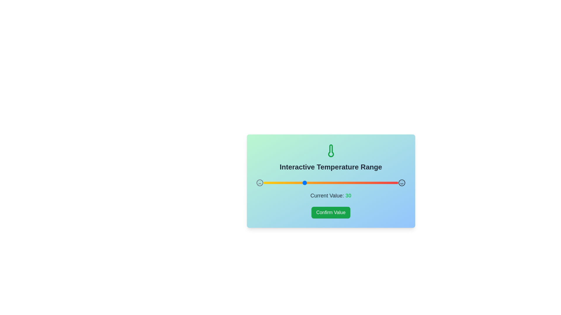 The height and width of the screenshot is (315, 561). I want to click on the range slider to set the value to 77, so click(367, 183).